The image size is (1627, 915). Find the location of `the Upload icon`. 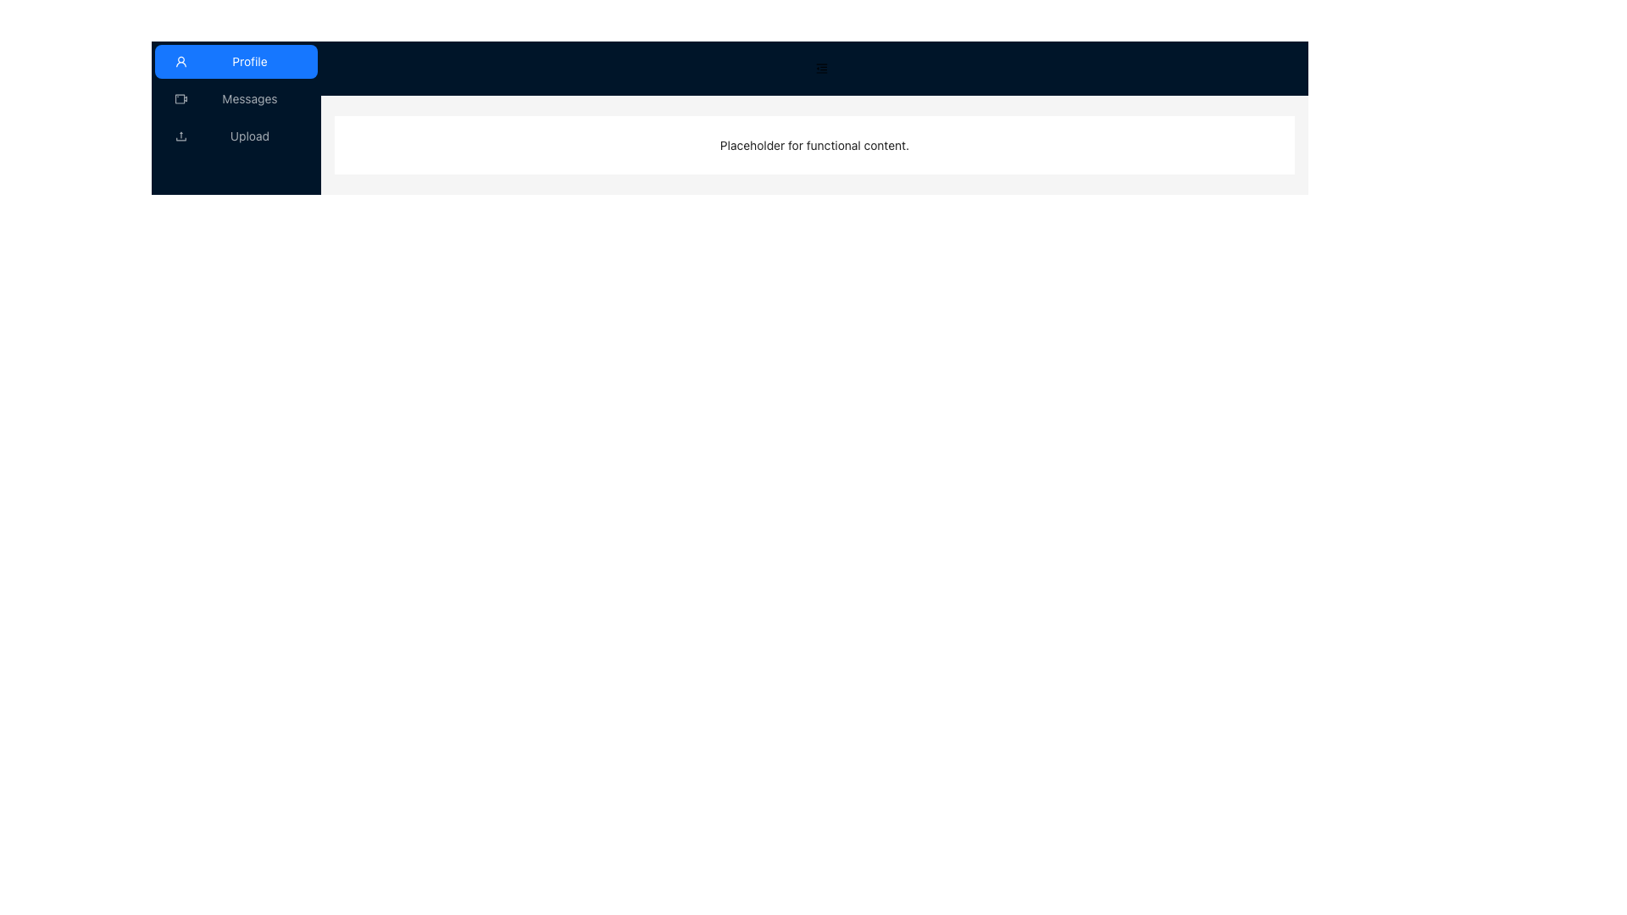

the Upload icon is located at coordinates (181, 136).